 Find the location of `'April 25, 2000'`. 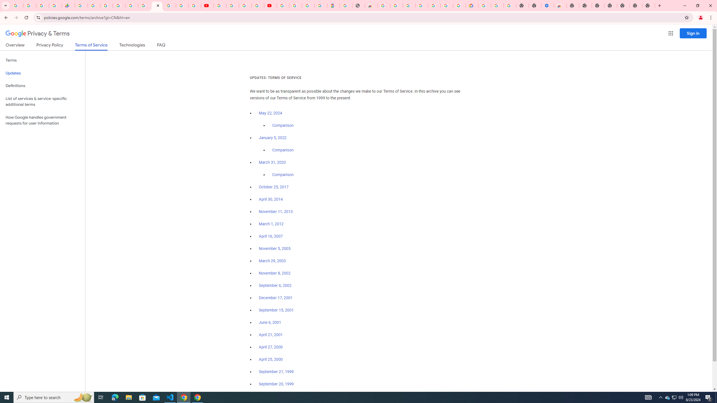

'April 25, 2000' is located at coordinates (271, 359).